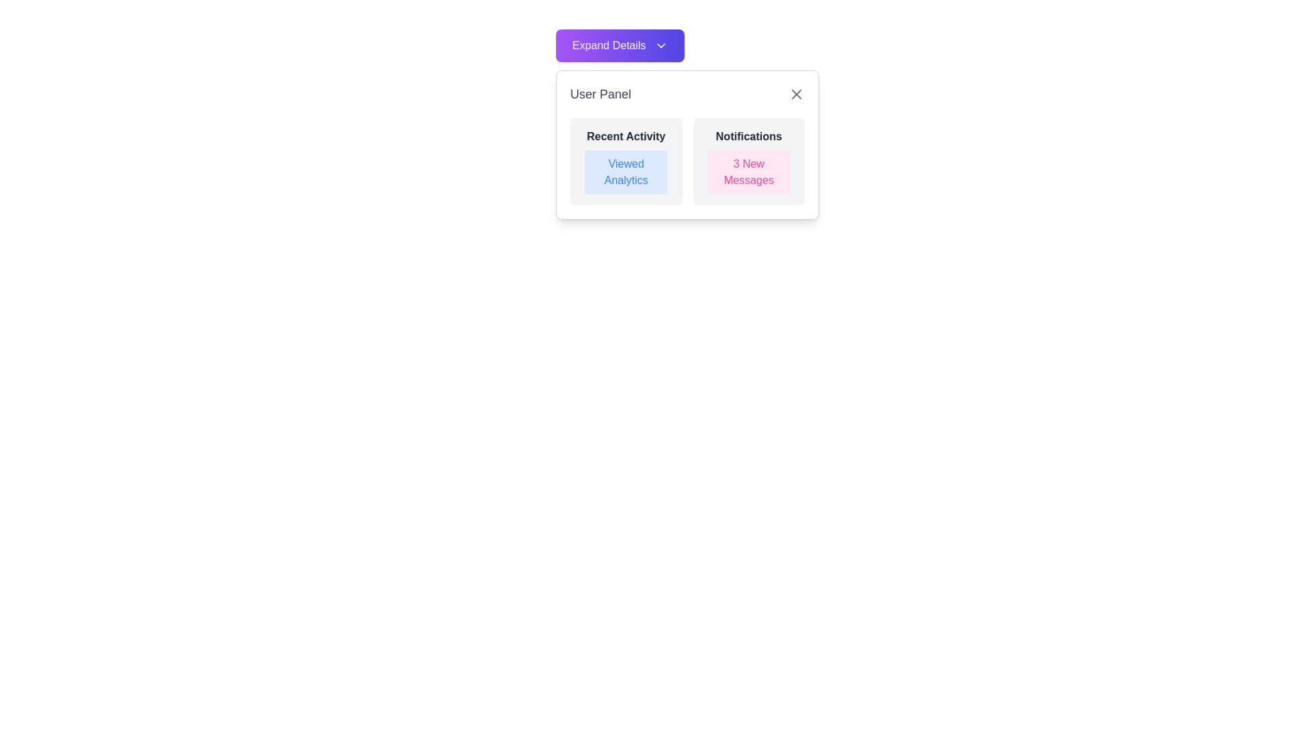 Image resolution: width=1313 pixels, height=739 pixels. Describe the element at coordinates (797, 94) in the screenshot. I see `the small diagonal cross graphical icon located at the top-right corner of the User Panel card` at that location.